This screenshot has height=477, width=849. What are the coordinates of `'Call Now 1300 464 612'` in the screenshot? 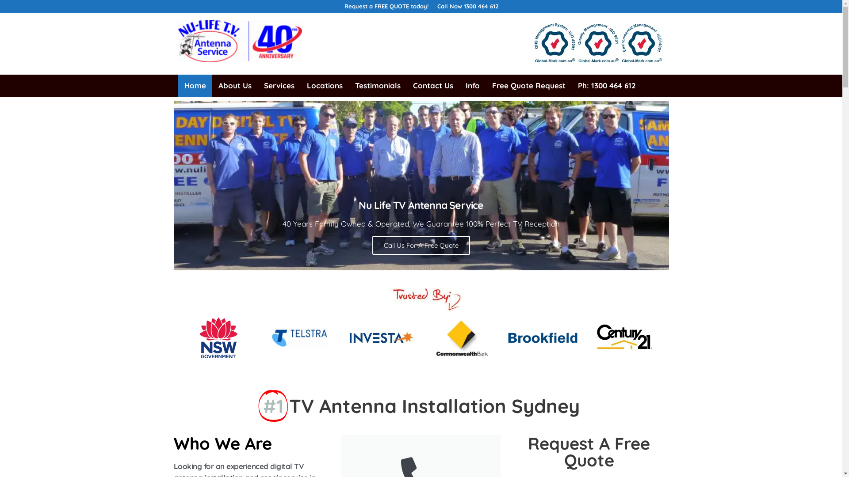 It's located at (467, 6).